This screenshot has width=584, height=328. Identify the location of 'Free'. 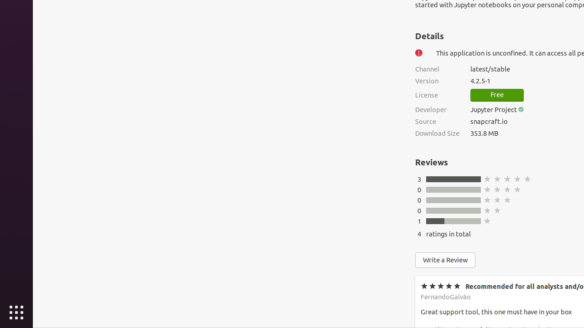
(496, 95).